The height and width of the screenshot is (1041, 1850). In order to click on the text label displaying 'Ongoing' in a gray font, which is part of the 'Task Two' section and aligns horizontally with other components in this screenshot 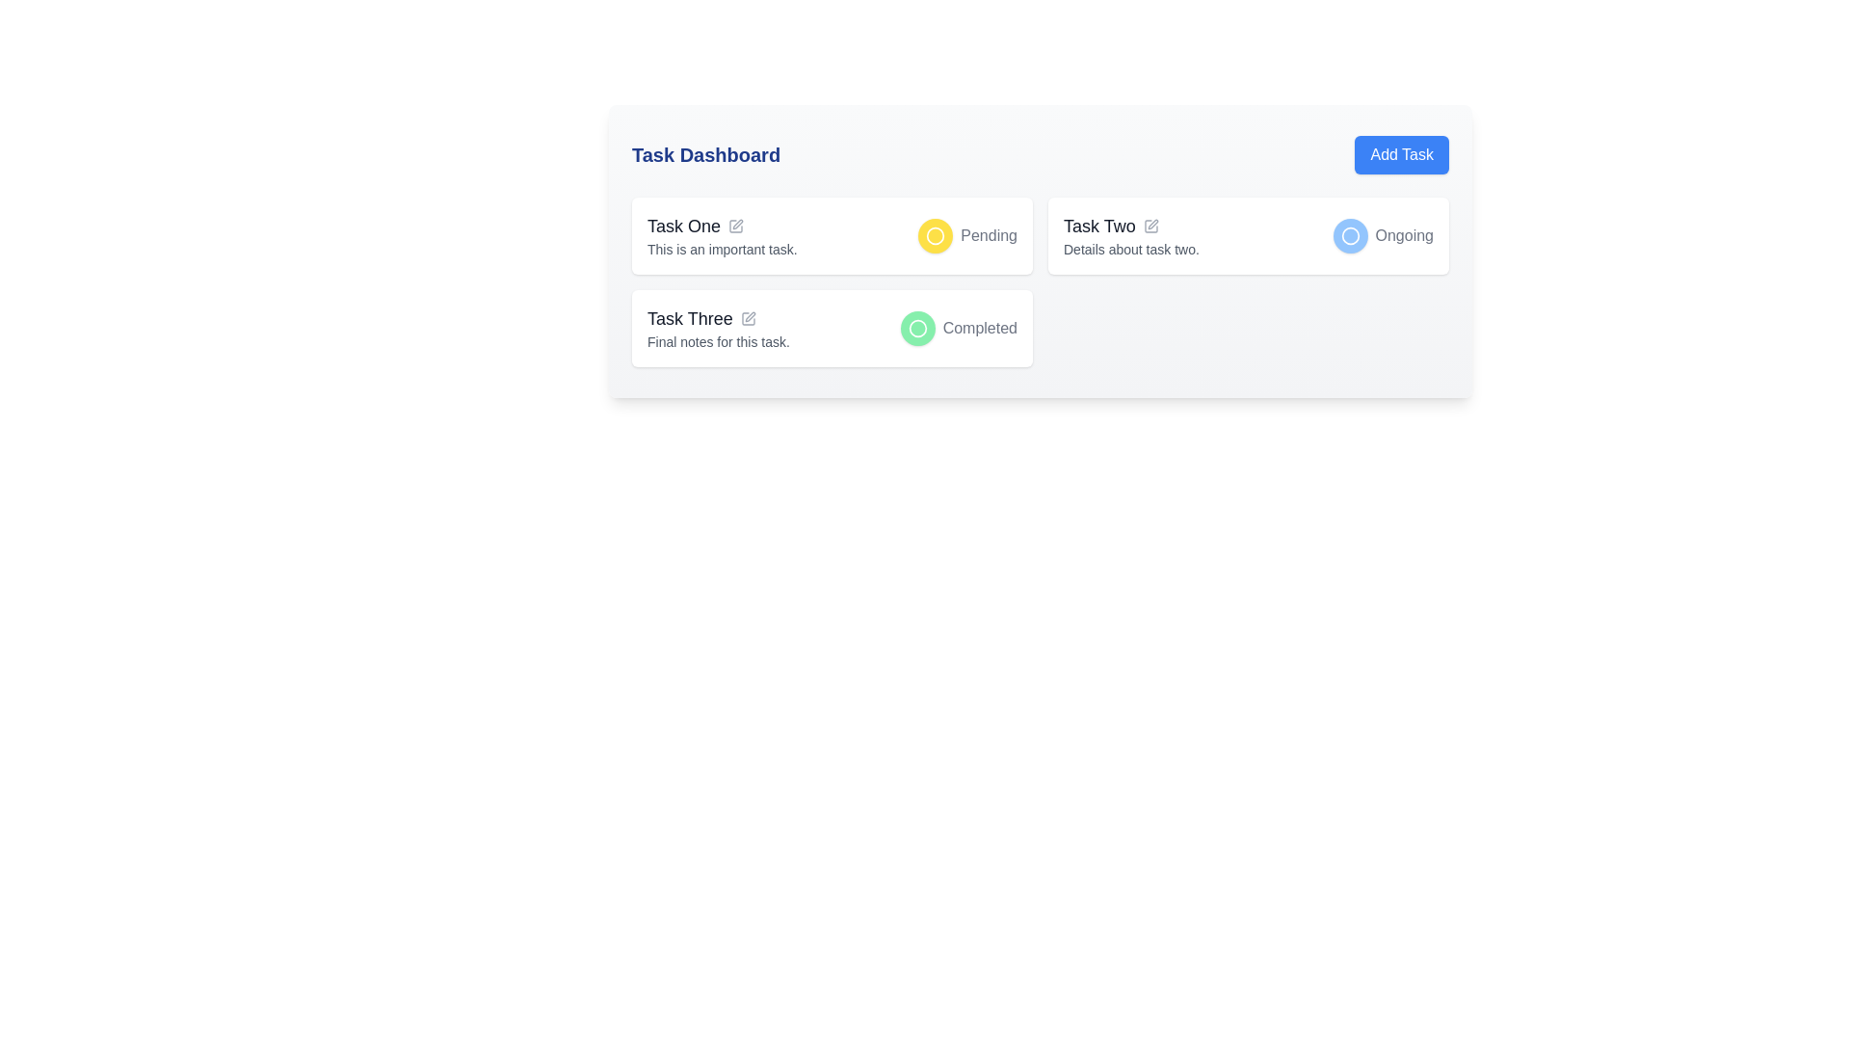, I will do `click(1404, 235)`.